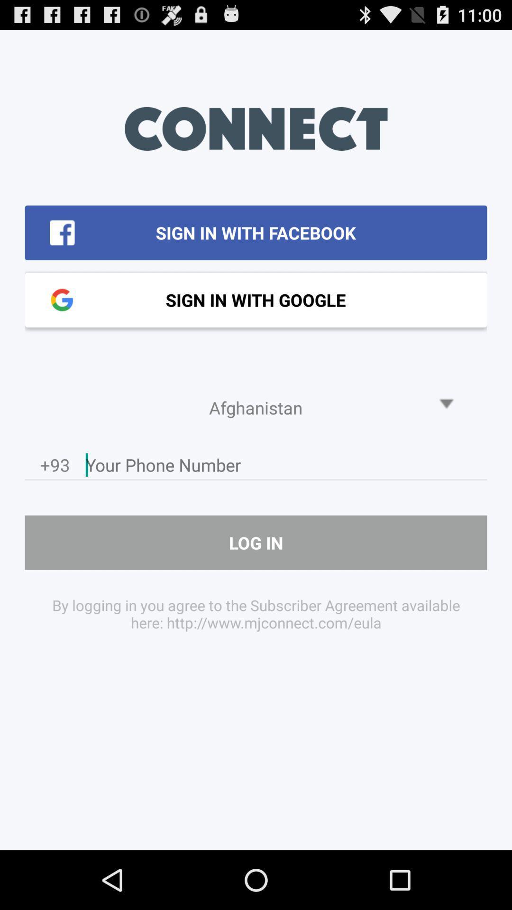  What do you see at coordinates (55, 467) in the screenshot?
I see `icon above the log in` at bounding box center [55, 467].